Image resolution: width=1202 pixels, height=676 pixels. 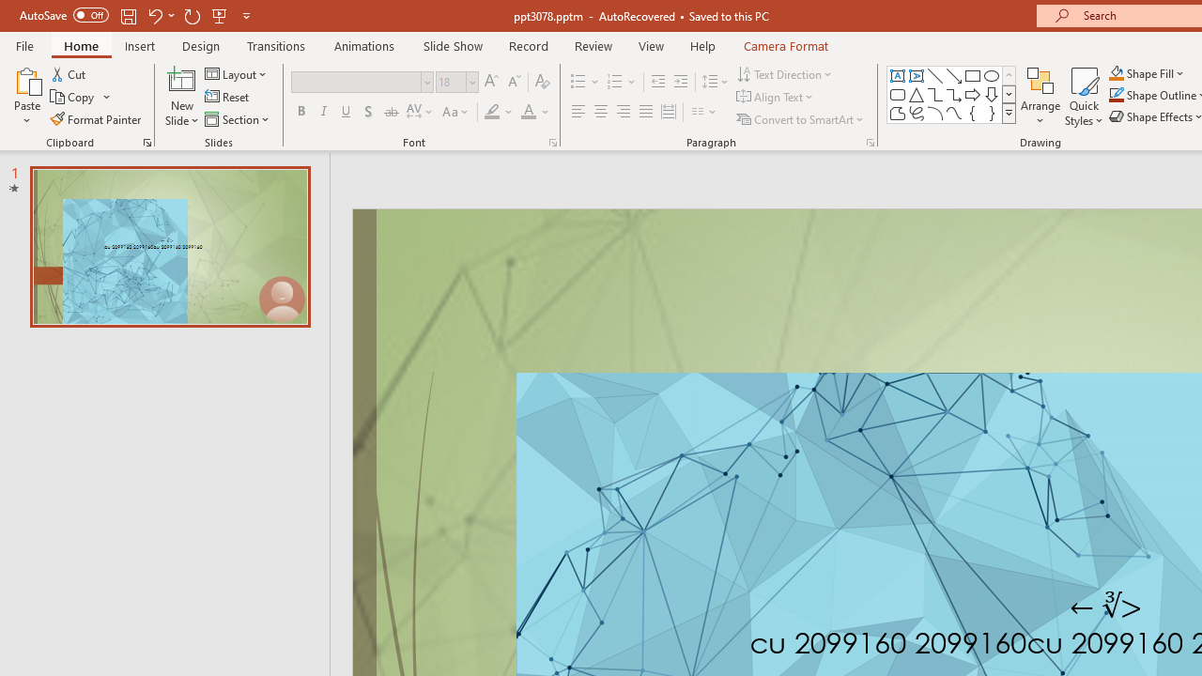 What do you see at coordinates (973, 94) in the screenshot?
I see `'Arrow: Right'` at bounding box center [973, 94].